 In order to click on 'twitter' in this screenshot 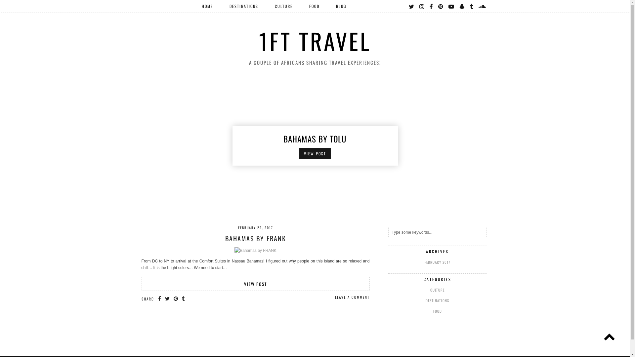, I will do `click(411, 6)`.